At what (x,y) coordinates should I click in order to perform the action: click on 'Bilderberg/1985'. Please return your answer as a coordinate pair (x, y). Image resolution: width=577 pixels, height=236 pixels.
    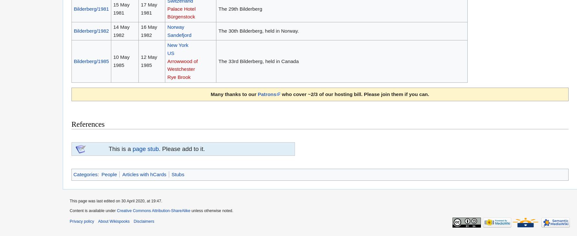
    Looking at the image, I should click on (91, 61).